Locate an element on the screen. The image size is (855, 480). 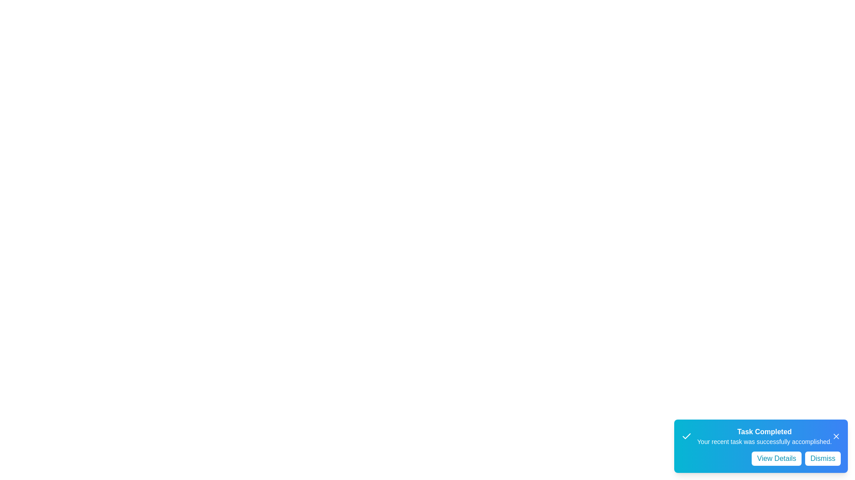
the 'X' icon at the top-right corner of the light blue notification box is located at coordinates (835, 436).